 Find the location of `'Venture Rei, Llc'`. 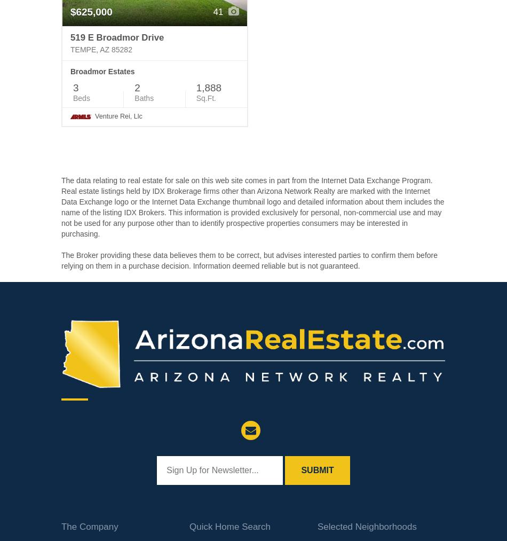

'Venture Rei, Llc' is located at coordinates (118, 115).